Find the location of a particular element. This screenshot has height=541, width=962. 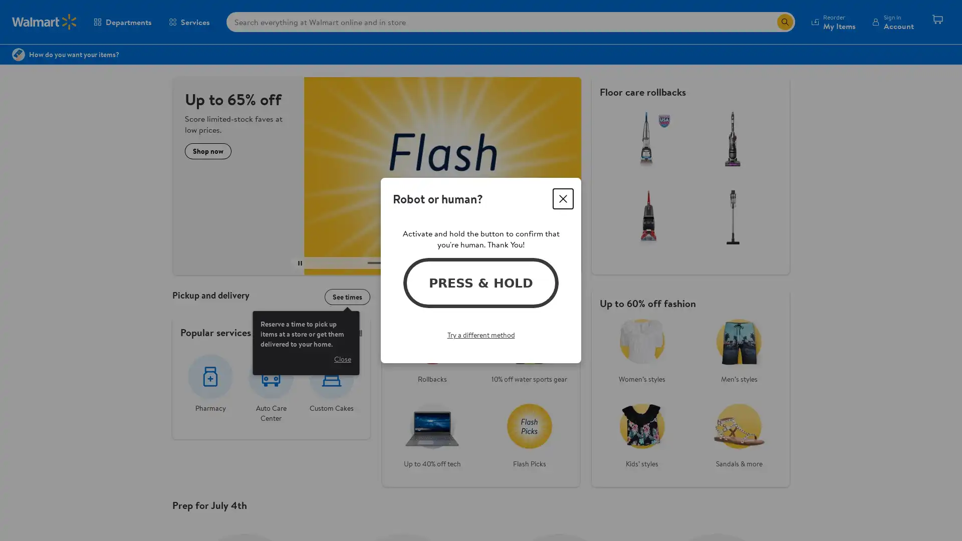

Next carousel slide is located at coordinates (451, 262).